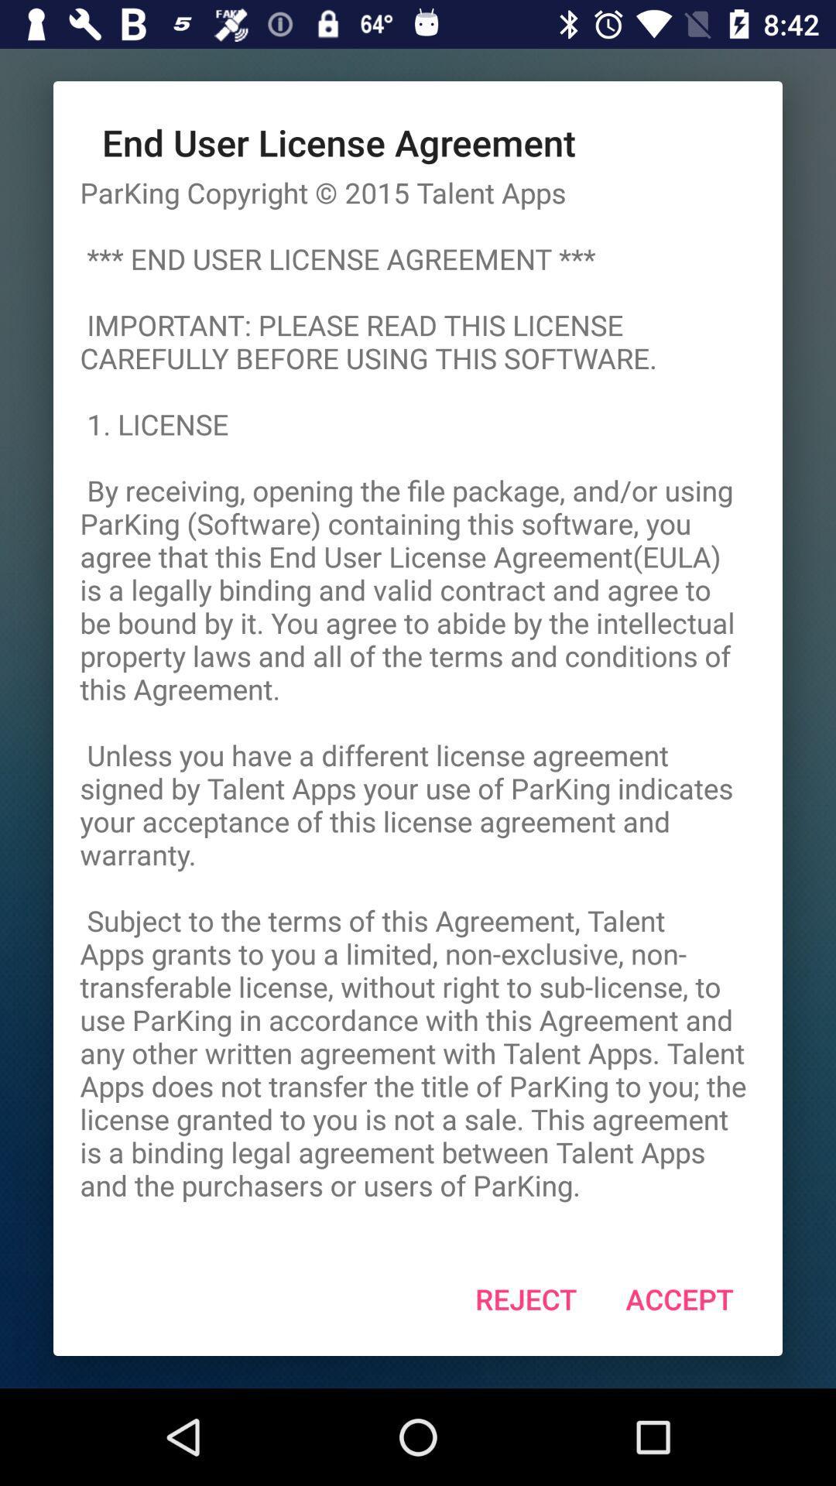 Image resolution: width=836 pixels, height=1486 pixels. Describe the element at coordinates (679, 1299) in the screenshot. I see `the icon to the right of the reject` at that location.